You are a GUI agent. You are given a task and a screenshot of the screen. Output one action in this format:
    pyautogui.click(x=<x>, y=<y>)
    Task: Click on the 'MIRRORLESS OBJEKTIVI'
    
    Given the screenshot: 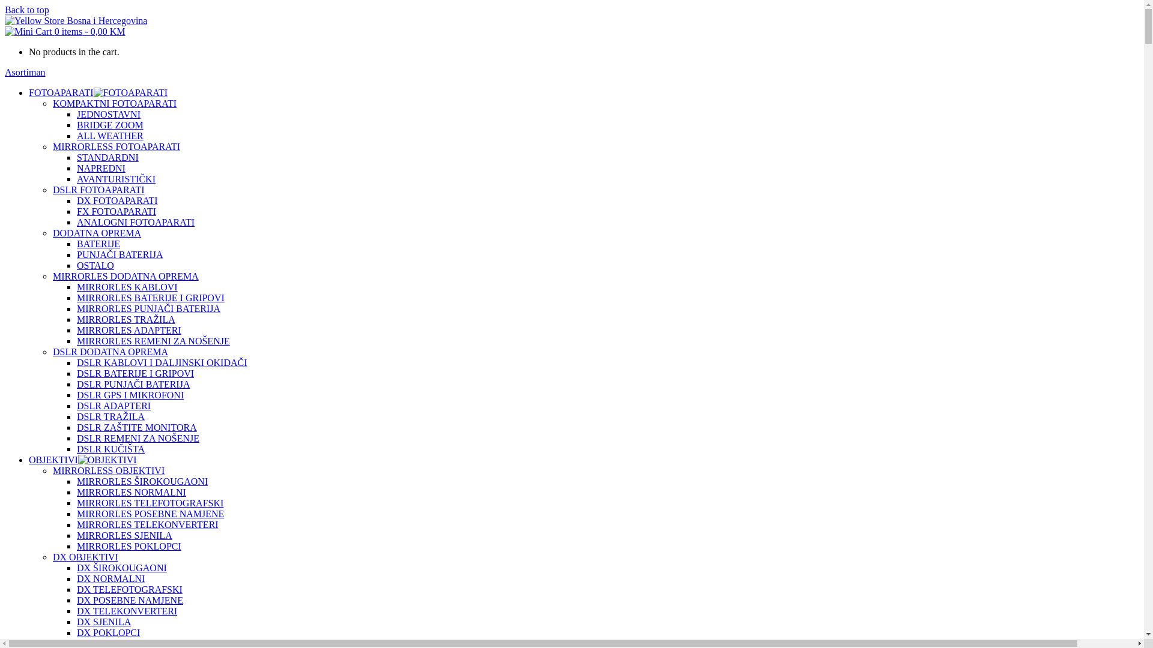 What is the action you would take?
    pyautogui.click(x=52, y=470)
    